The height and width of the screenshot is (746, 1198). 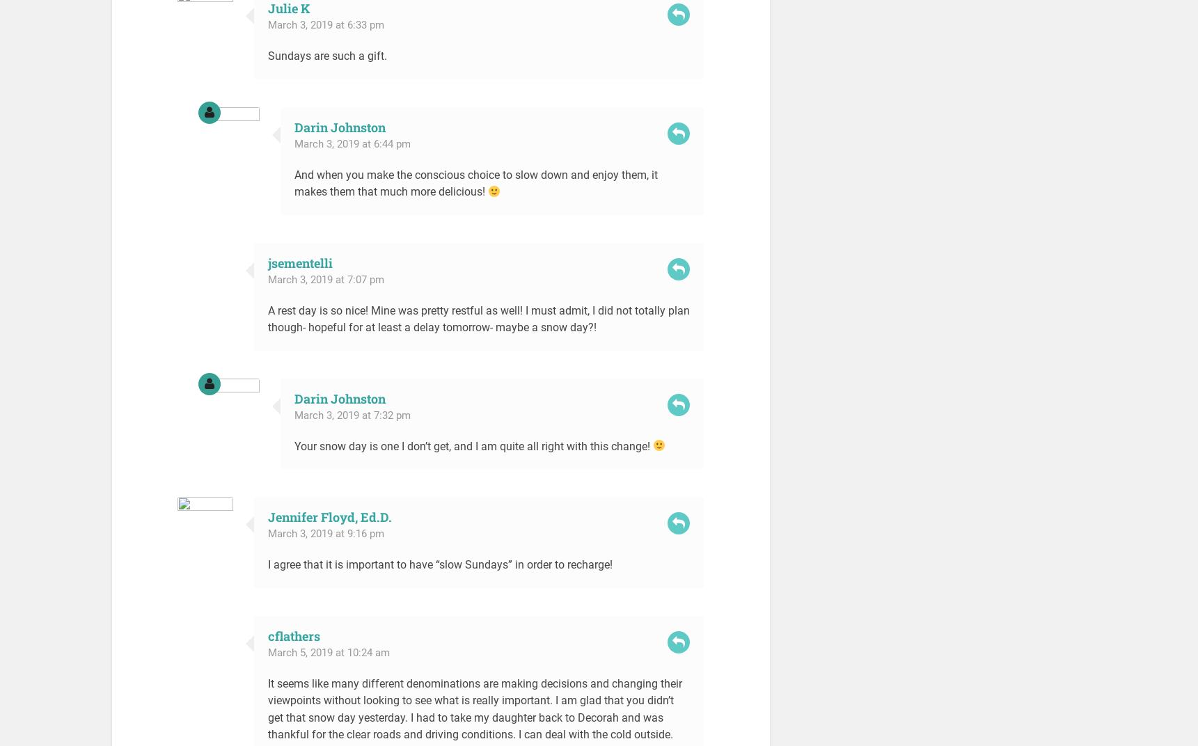 What do you see at coordinates (326, 279) in the screenshot?
I see `'March 3, 2019 at 7:07 pm'` at bounding box center [326, 279].